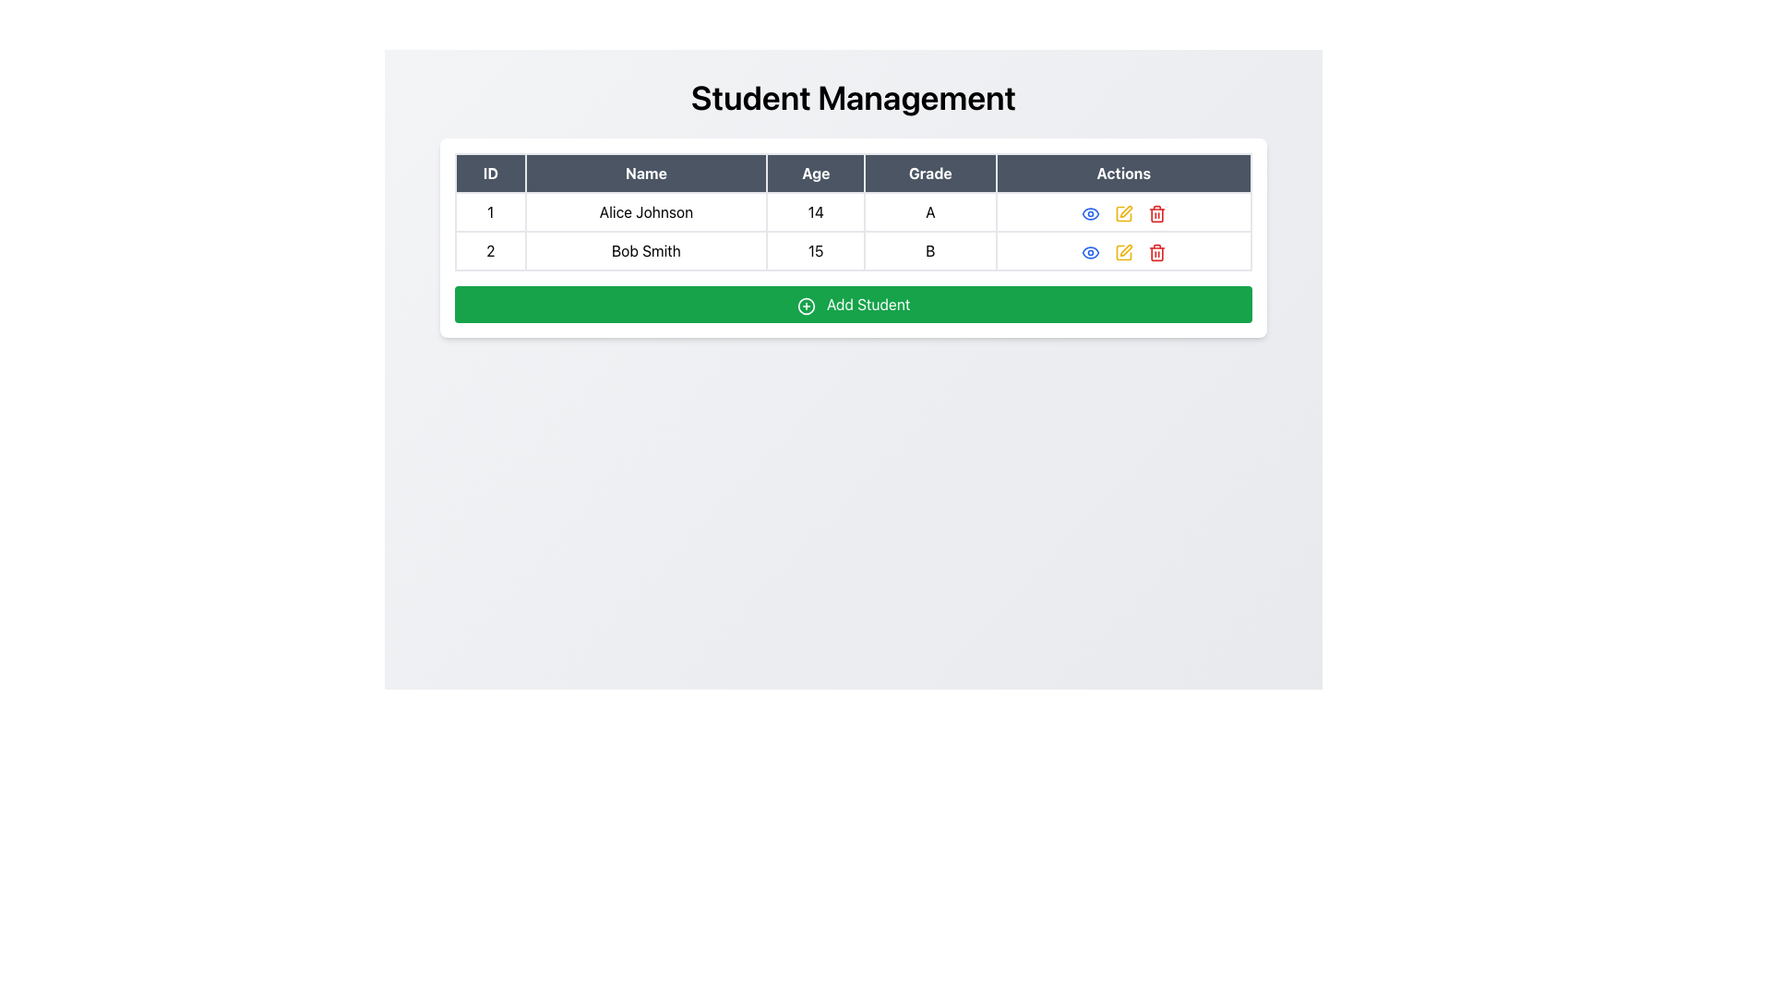 This screenshot has width=1772, height=997. I want to click on the yellow pen icon button in the second row of the table under the 'Actions' column, so click(1122, 252).